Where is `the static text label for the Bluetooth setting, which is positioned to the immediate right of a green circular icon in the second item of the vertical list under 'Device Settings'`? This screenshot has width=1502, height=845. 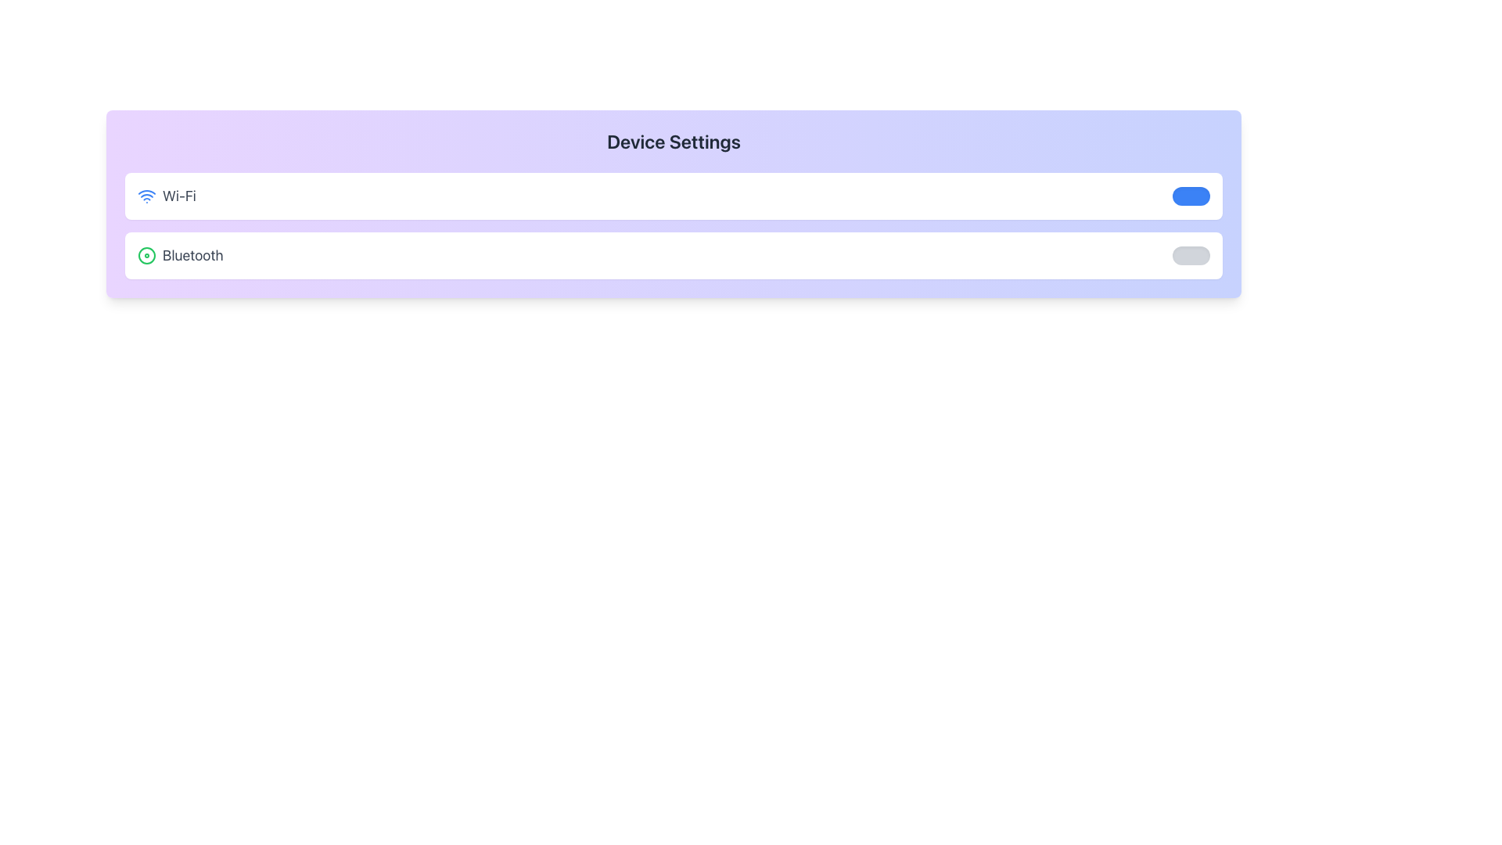 the static text label for the Bluetooth setting, which is positioned to the immediate right of a green circular icon in the second item of the vertical list under 'Device Settings' is located at coordinates (192, 255).